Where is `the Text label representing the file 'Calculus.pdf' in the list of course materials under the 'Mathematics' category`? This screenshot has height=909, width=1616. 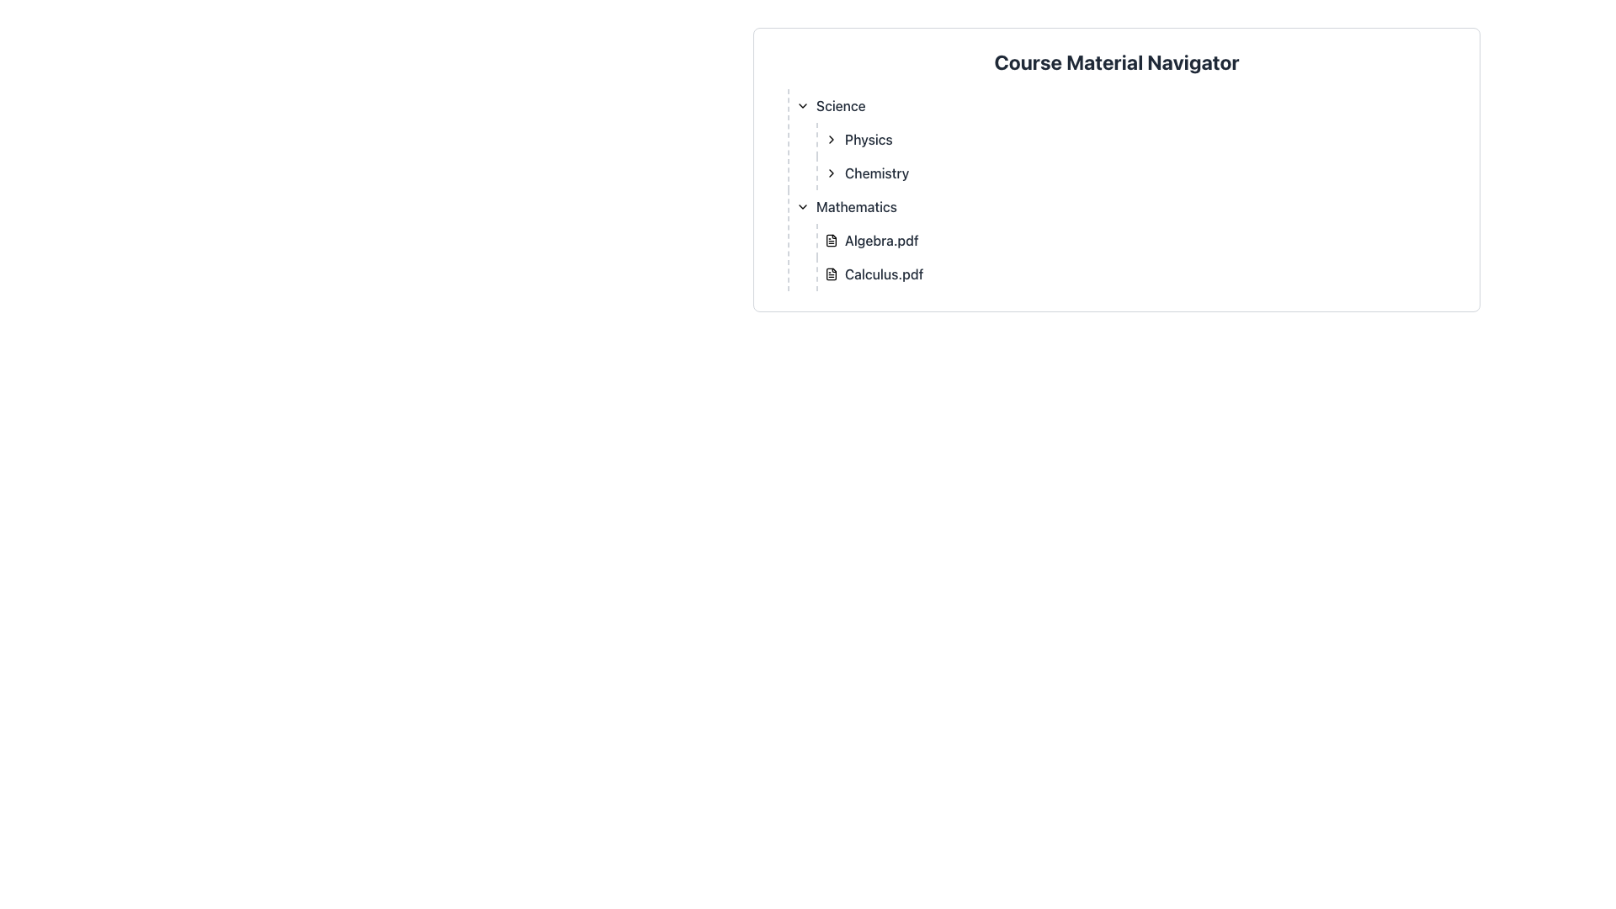 the Text label representing the file 'Calculus.pdf' in the list of course materials under the 'Mathematics' category is located at coordinates (883, 274).